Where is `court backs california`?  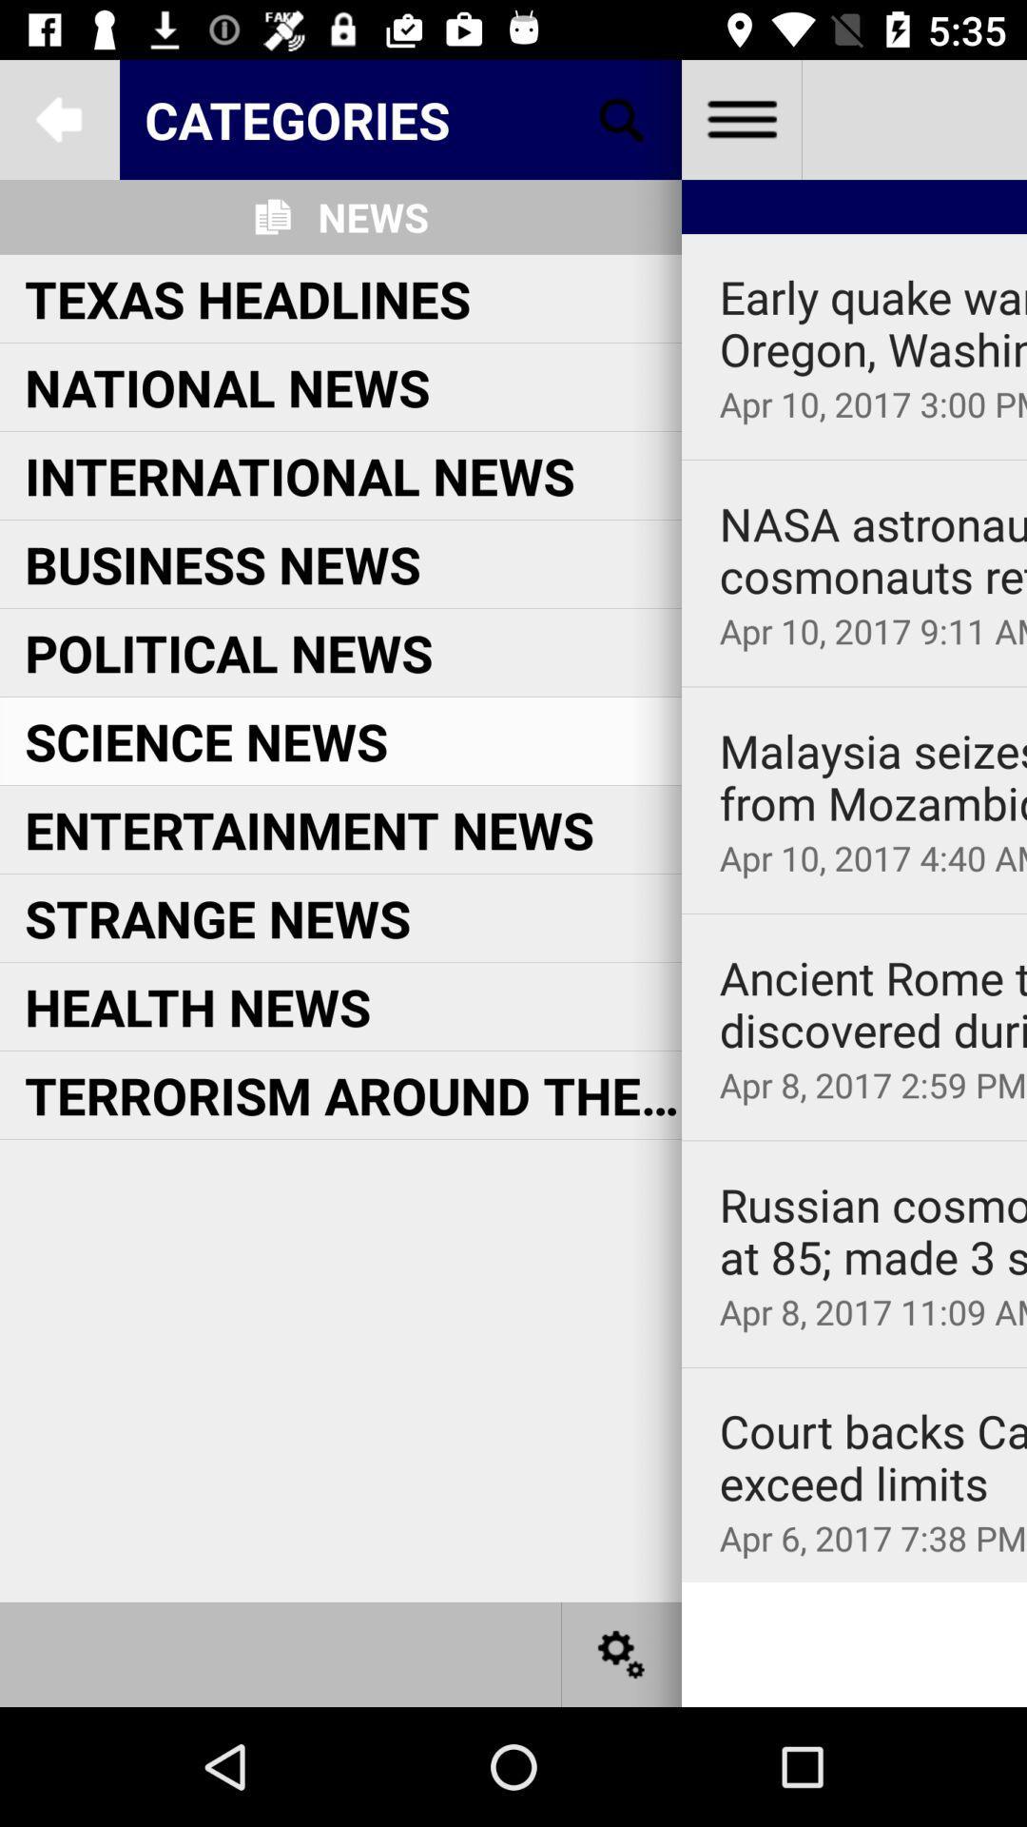
court backs california is located at coordinates (873, 1456).